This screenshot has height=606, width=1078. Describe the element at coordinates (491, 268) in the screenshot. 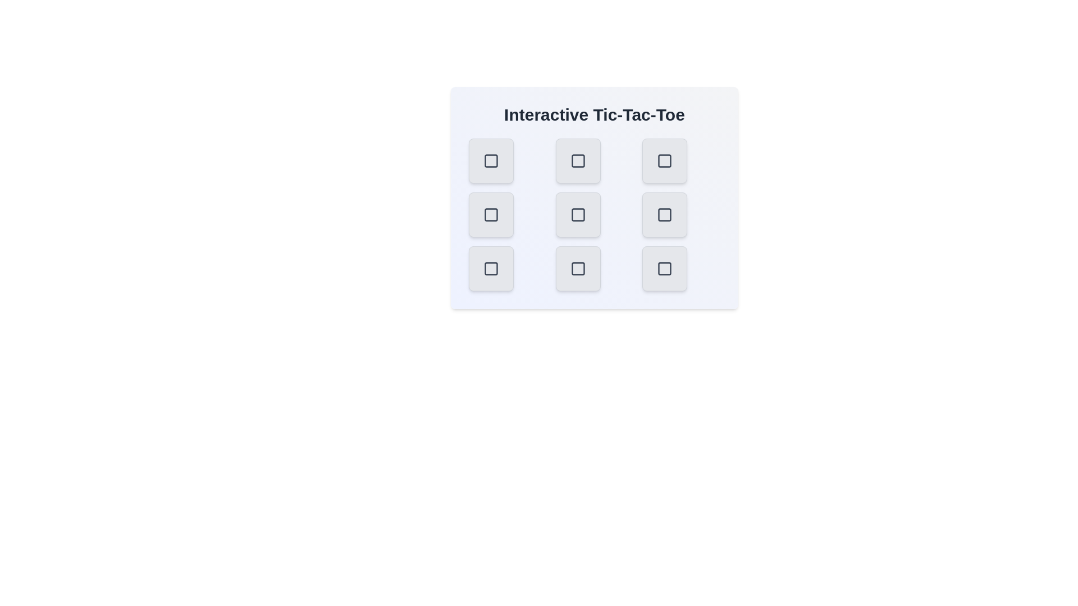

I see `the button at bottom-left` at that location.